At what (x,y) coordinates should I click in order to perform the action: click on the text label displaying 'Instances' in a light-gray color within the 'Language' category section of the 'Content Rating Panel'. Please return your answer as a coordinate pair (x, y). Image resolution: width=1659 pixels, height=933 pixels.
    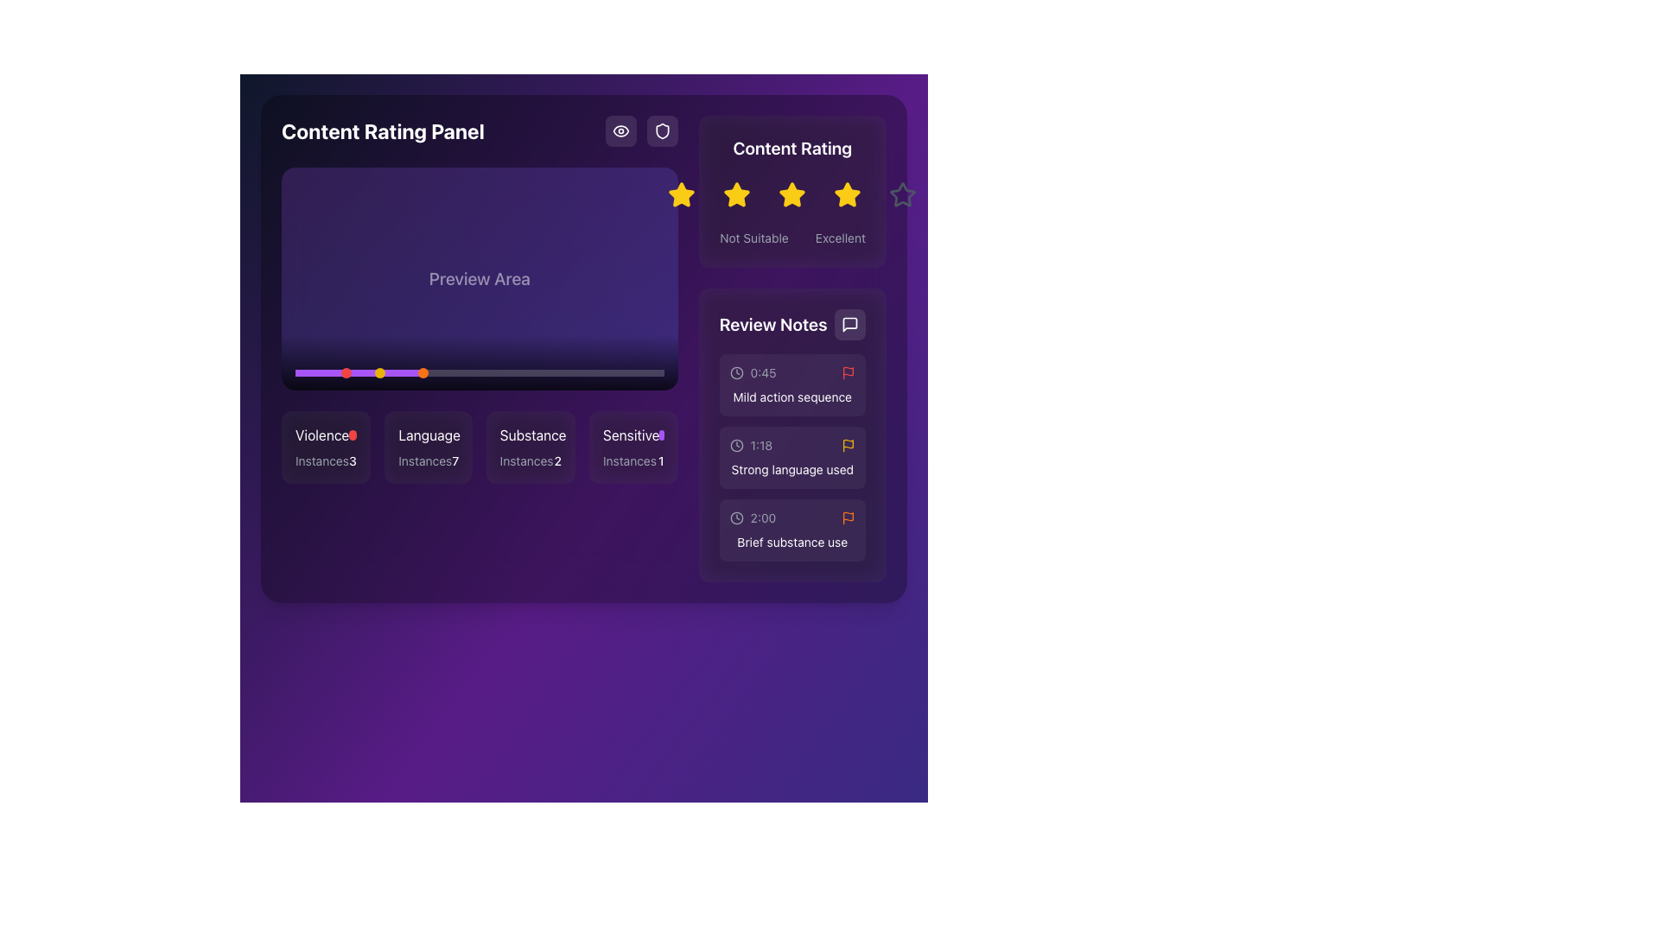
    Looking at the image, I should click on (424, 460).